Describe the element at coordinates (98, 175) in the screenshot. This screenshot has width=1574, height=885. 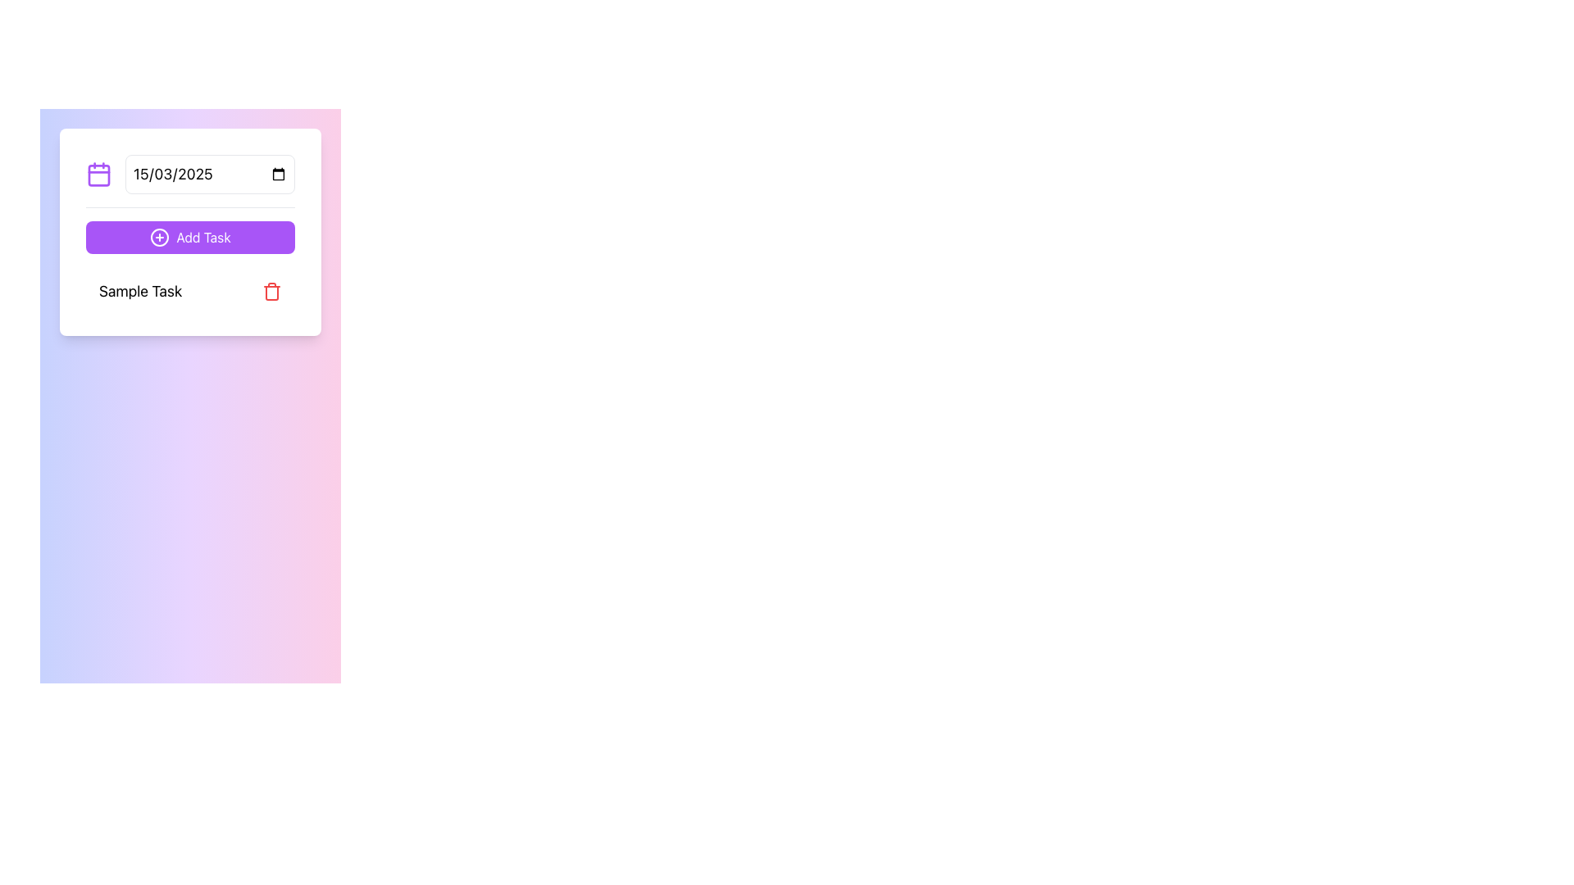
I see `the main body of the calendar icon's graphical representation, which is a rectangular shape positioned centrally within the SVG icon` at that location.